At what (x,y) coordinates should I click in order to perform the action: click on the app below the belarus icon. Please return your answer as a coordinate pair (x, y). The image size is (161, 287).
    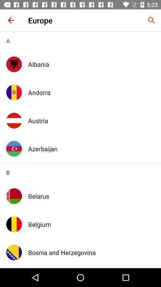
    Looking at the image, I should click on (91, 224).